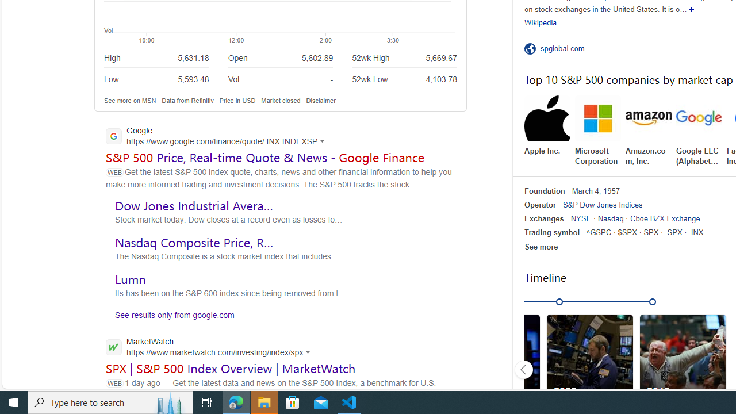  I want to click on 'Class: sp-ofsite', so click(529, 48).